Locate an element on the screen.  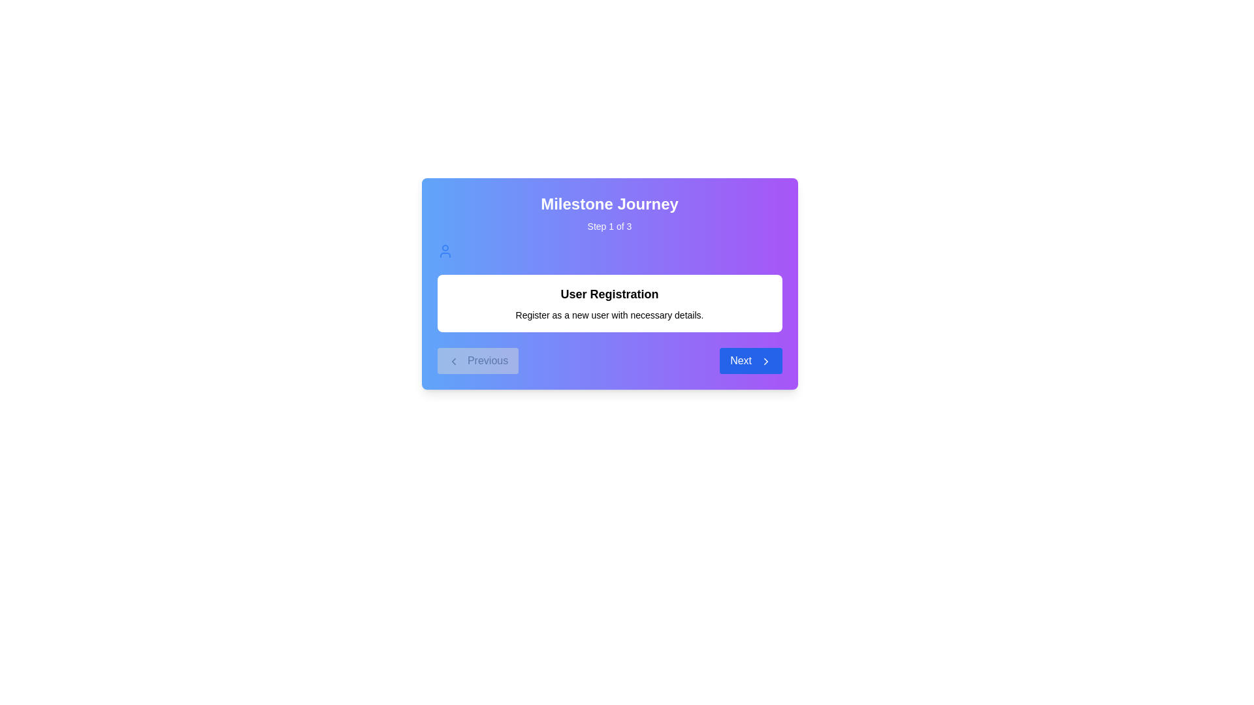
the left-pointing chevron icon inside the 'Previous' button located in the bottom-left corner of the interface is located at coordinates (453, 361).